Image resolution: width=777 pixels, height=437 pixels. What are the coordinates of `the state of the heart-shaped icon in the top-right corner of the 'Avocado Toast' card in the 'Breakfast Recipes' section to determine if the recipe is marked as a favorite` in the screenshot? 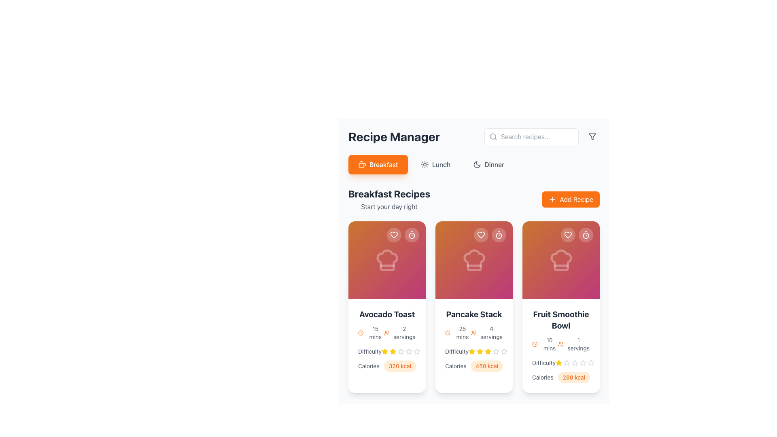 It's located at (394, 235).